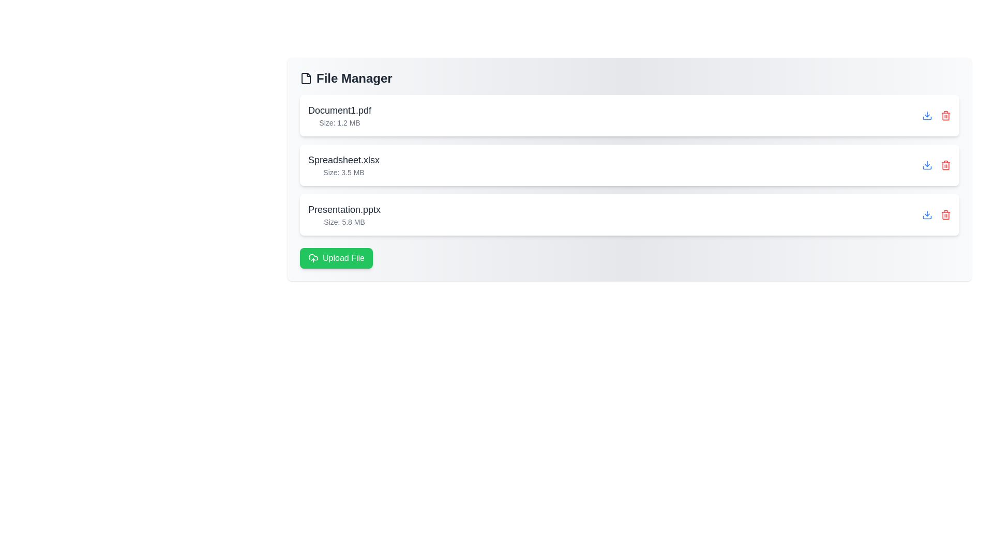  What do you see at coordinates (945, 214) in the screenshot?
I see `delete button for the file named Presentation.pptx` at bounding box center [945, 214].